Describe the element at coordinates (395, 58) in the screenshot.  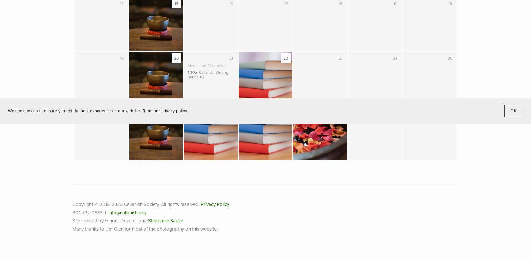
I see `'24'` at that location.